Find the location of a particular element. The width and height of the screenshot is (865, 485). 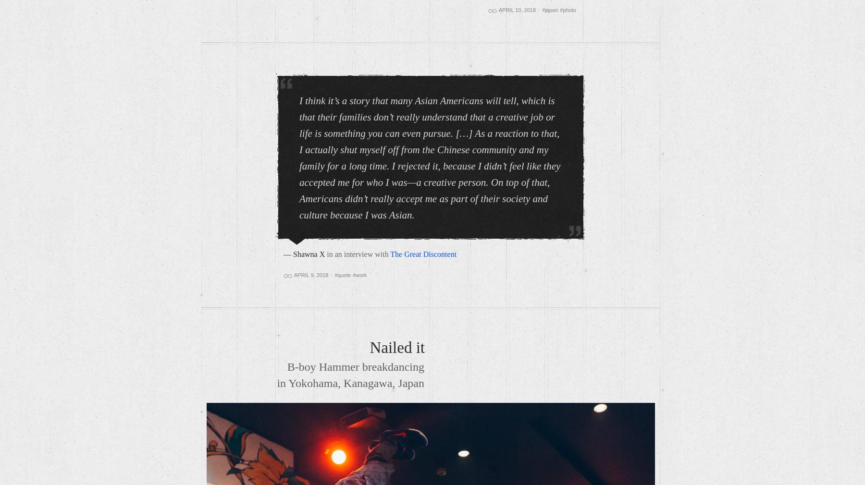

'in an interview with' is located at coordinates (357, 254).